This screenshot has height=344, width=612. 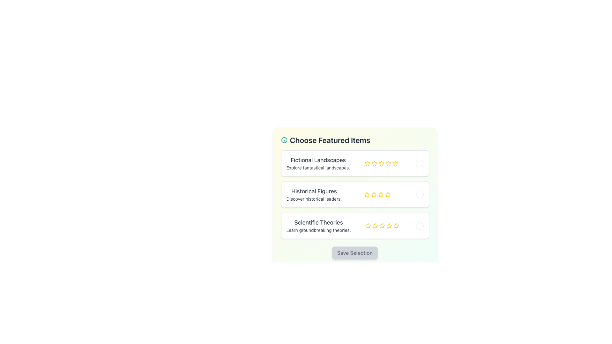 What do you see at coordinates (375, 225) in the screenshot?
I see `the second star in the 5-star rating control to provide a rating for the 'Scientific Theories' section` at bounding box center [375, 225].